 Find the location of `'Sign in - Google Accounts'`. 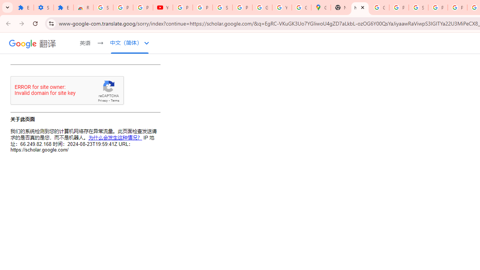

'Sign in - Google Accounts' is located at coordinates (222, 7).